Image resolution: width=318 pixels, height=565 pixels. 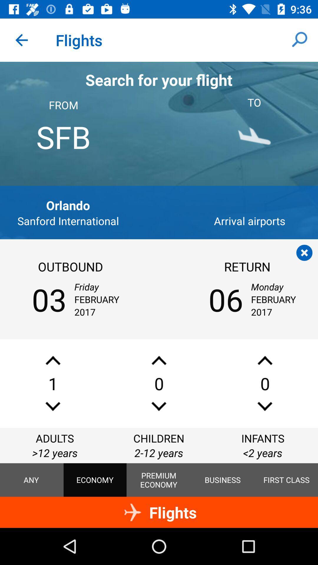 I want to click on icon next to flights, so click(x=21, y=40).